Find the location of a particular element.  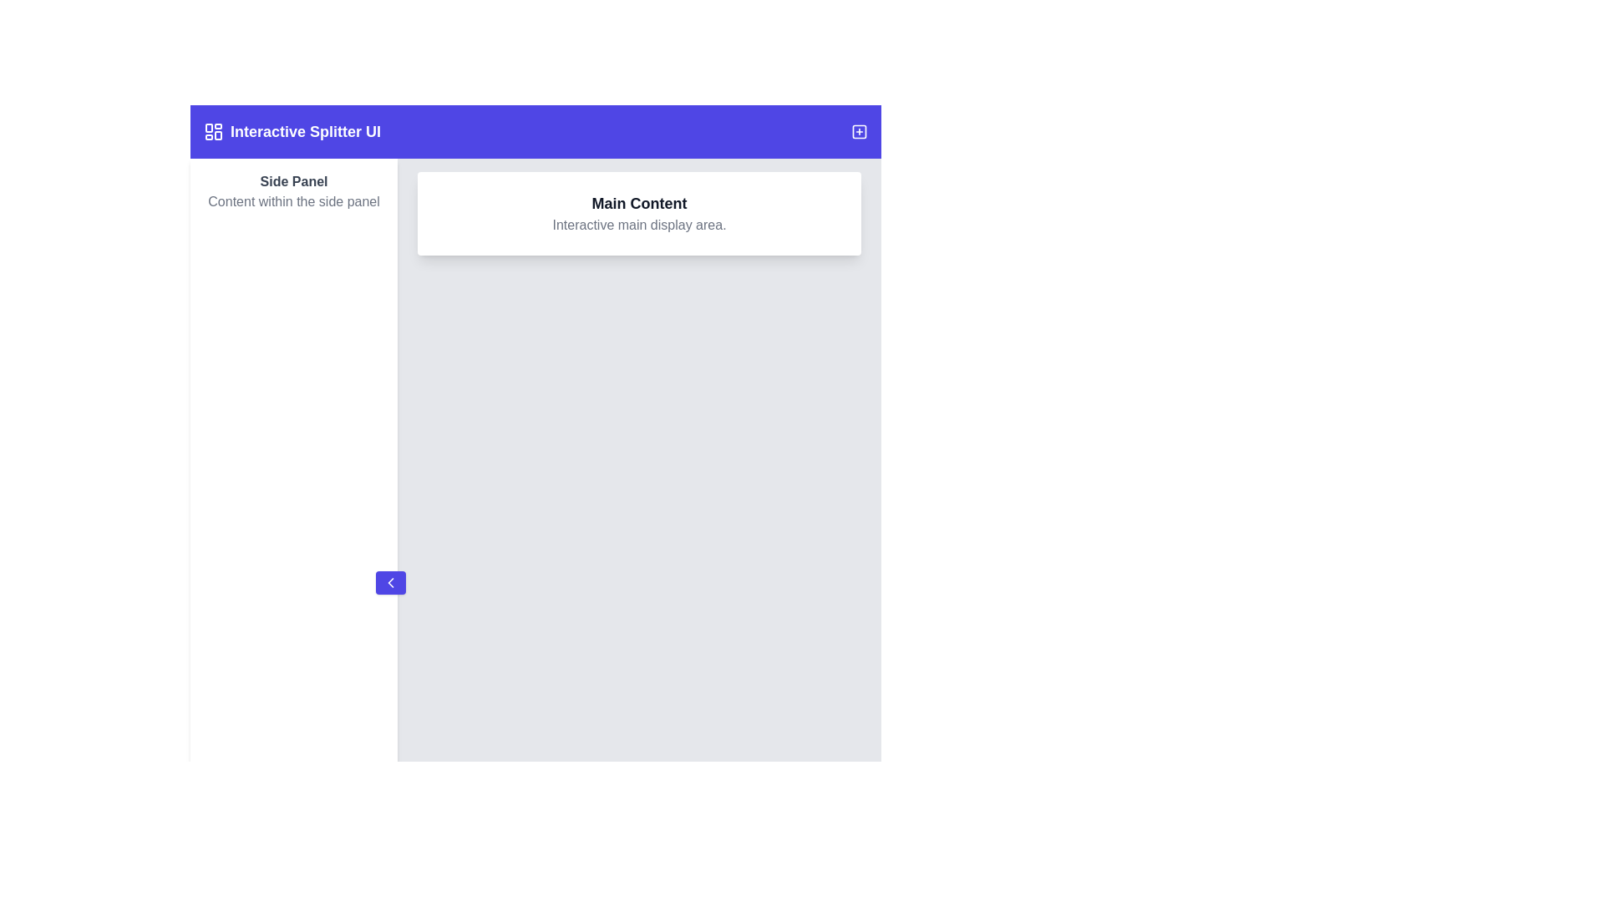

text label 'Interactive Splitter UI' located on the left side of the blue header bar, immediately to the right of the grid layout icon is located at coordinates (305, 131).